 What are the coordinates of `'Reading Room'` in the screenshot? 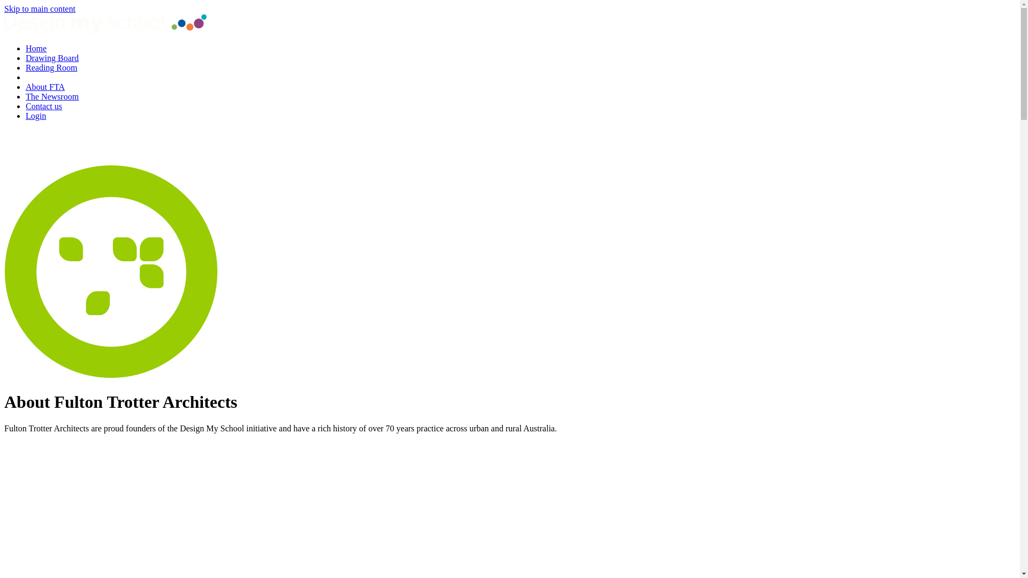 It's located at (51, 67).